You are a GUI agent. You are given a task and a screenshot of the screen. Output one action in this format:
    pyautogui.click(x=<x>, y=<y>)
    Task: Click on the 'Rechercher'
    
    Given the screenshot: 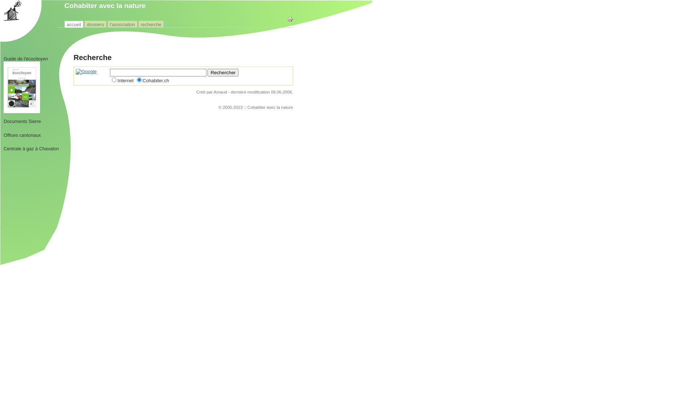 What is the action you would take?
    pyautogui.click(x=207, y=72)
    